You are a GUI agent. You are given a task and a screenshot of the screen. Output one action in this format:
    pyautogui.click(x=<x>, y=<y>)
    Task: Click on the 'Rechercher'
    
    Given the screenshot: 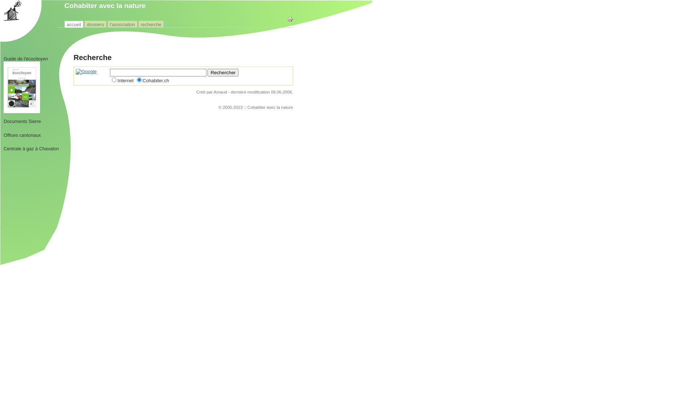 What is the action you would take?
    pyautogui.click(x=207, y=72)
    